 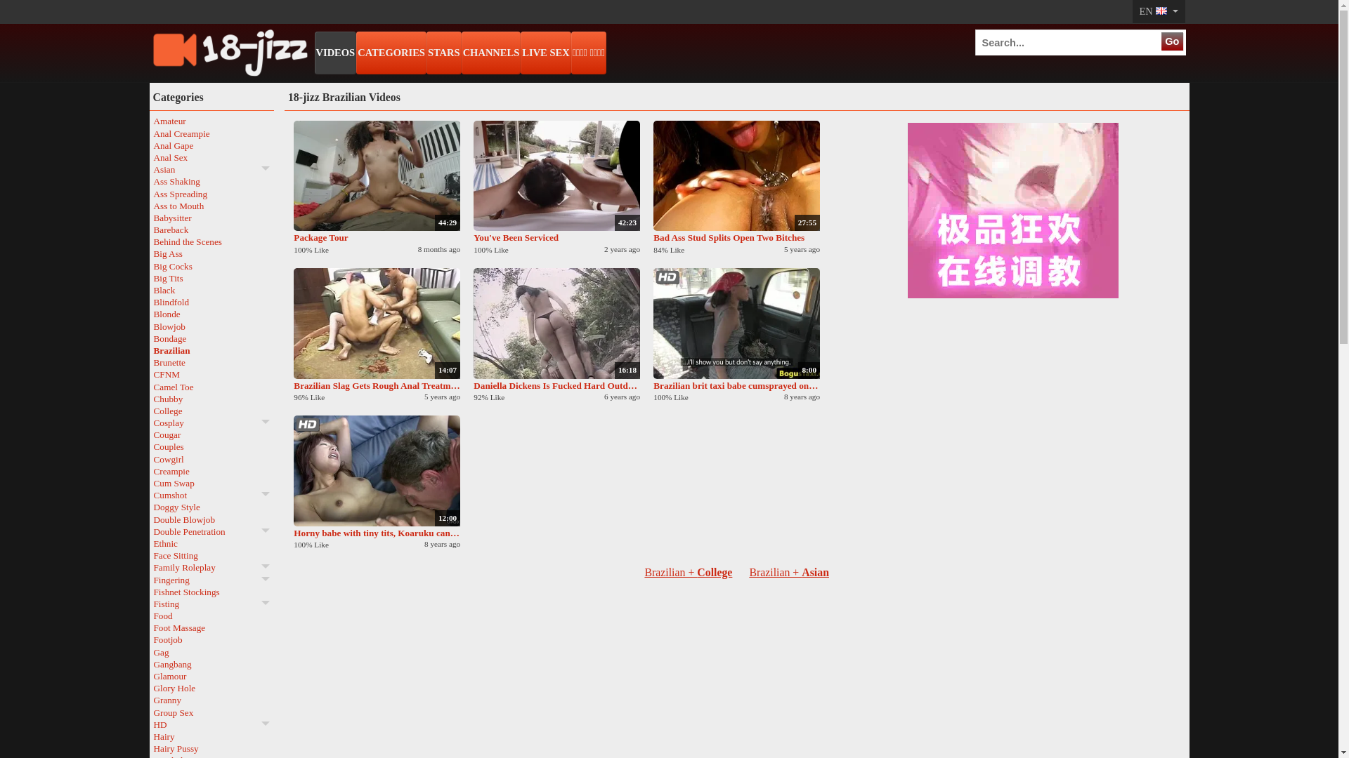 What do you see at coordinates (152, 180) in the screenshot?
I see `'Ass Shaking'` at bounding box center [152, 180].